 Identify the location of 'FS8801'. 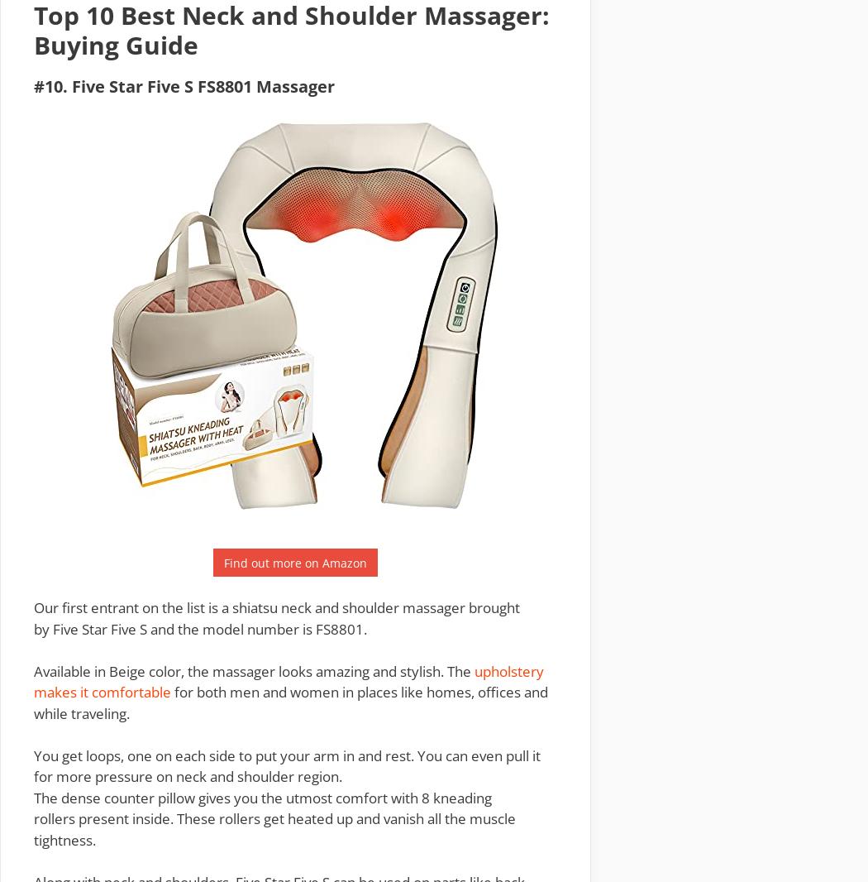
(339, 627).